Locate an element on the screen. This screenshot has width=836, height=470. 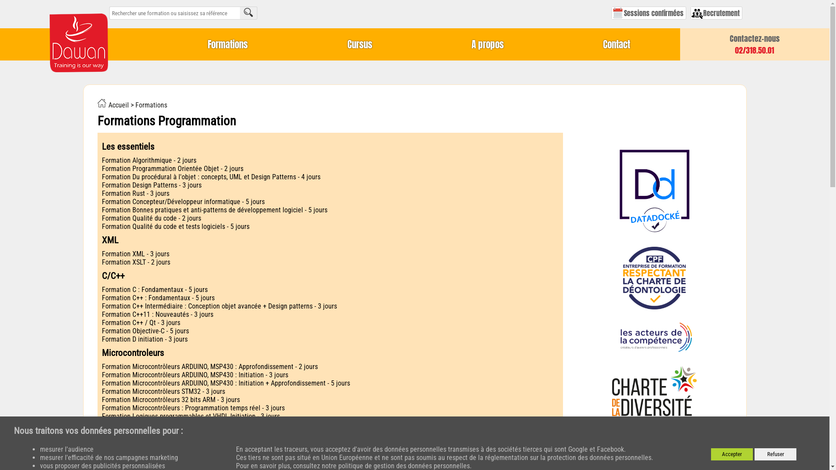
'C/C++' is located at coordinates (102, 275).